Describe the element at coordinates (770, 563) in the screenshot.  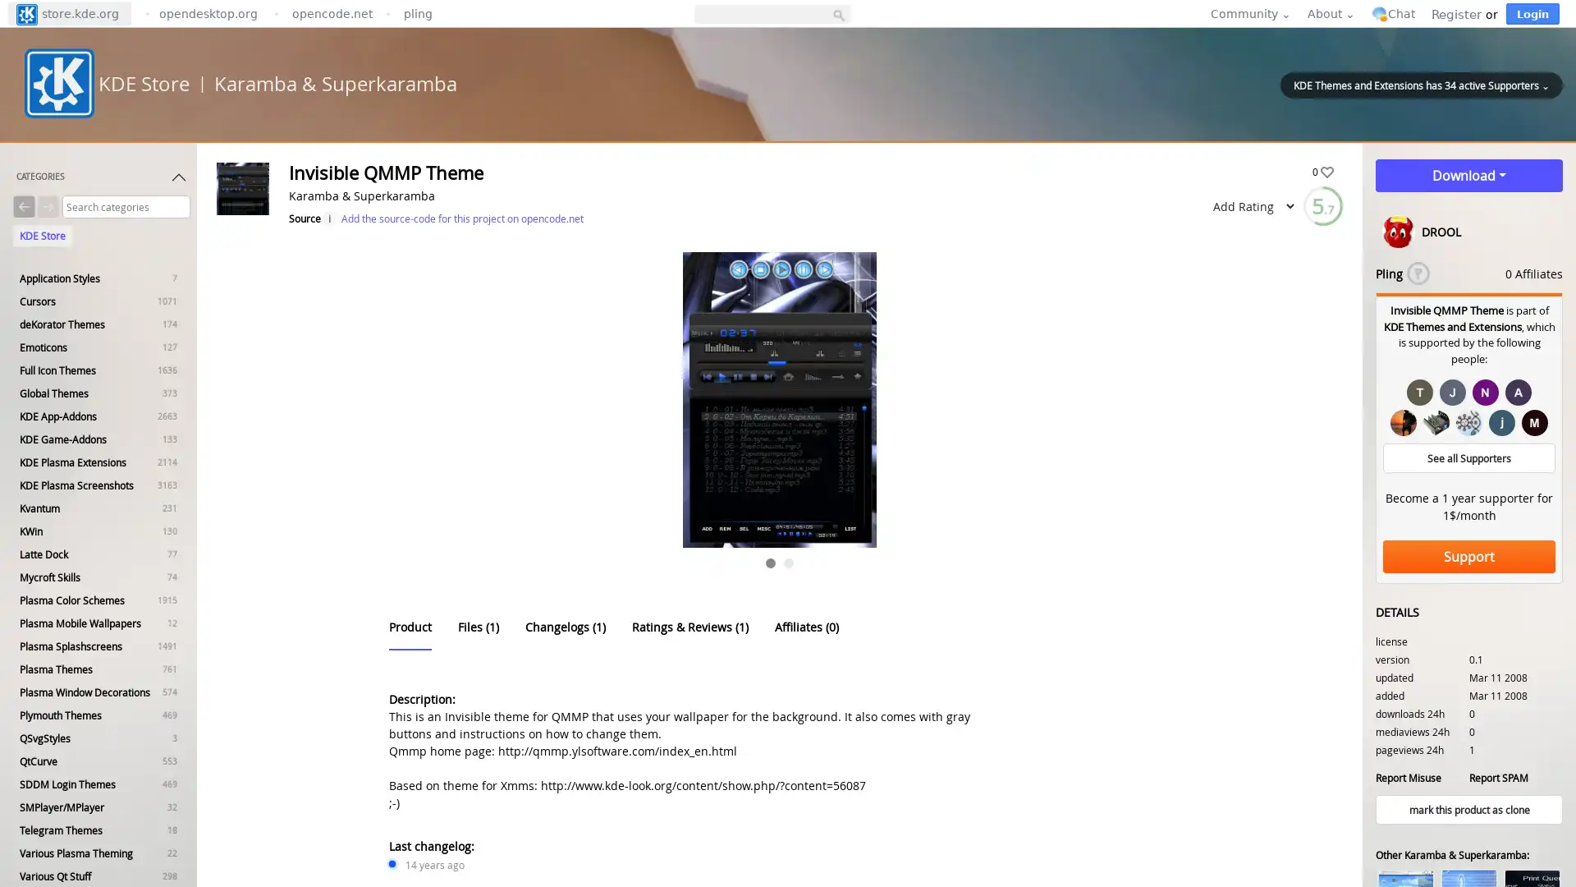
I see `Go to slide 1` at that location.